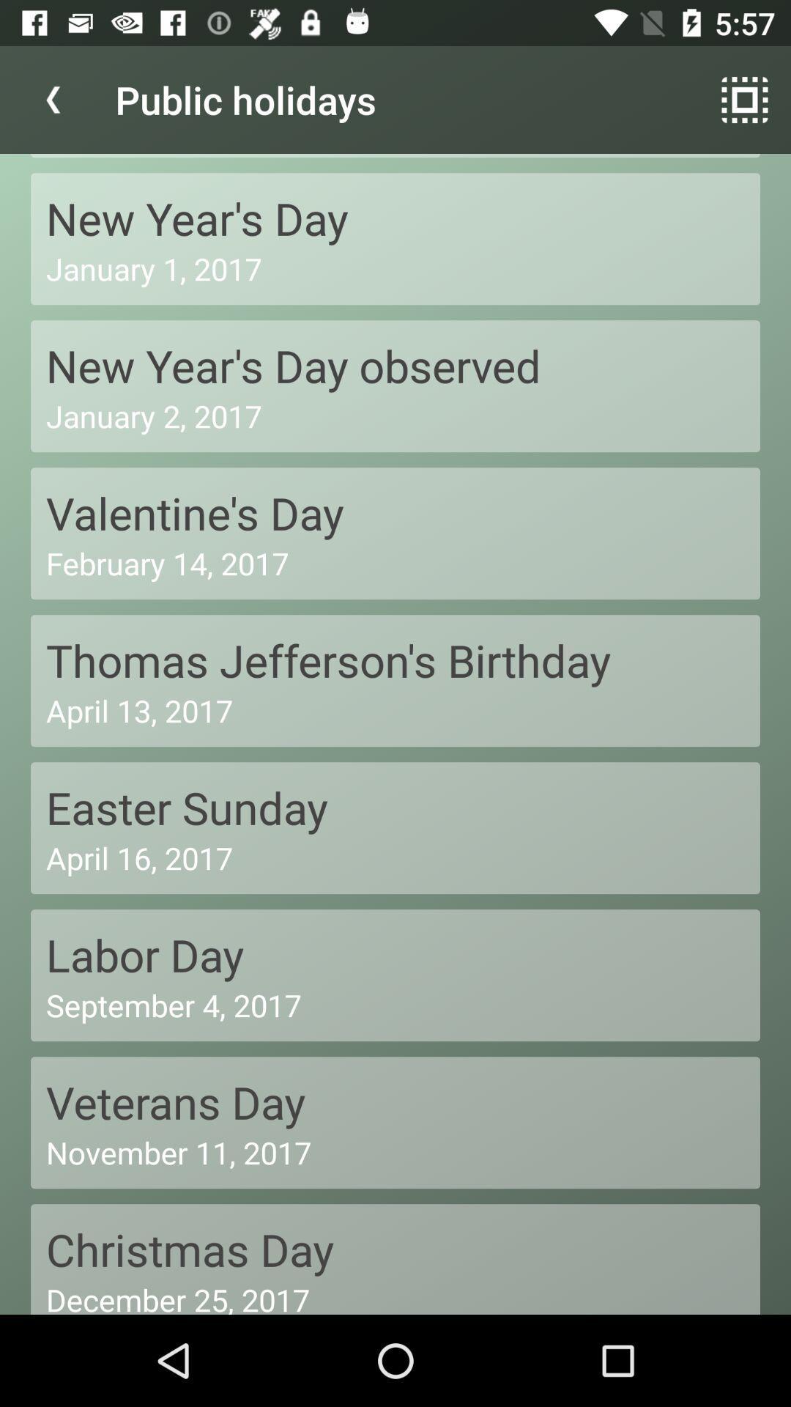  Describe the element at coordinates (395, 562) in the screenshot. I see `the item above thomas jefferson s icon` at that location.